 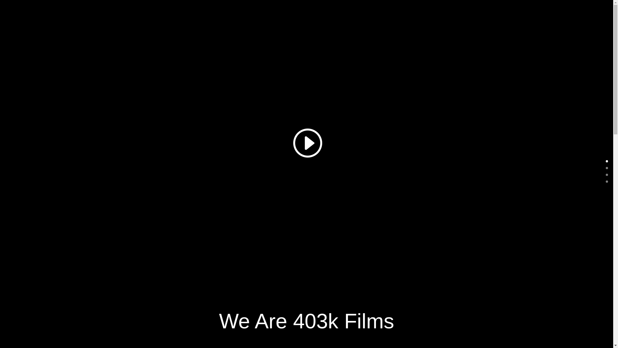 What do you see at coordinates (606, 175) in the screenshot?
I see `'2'` at bounding box center [606, 175].